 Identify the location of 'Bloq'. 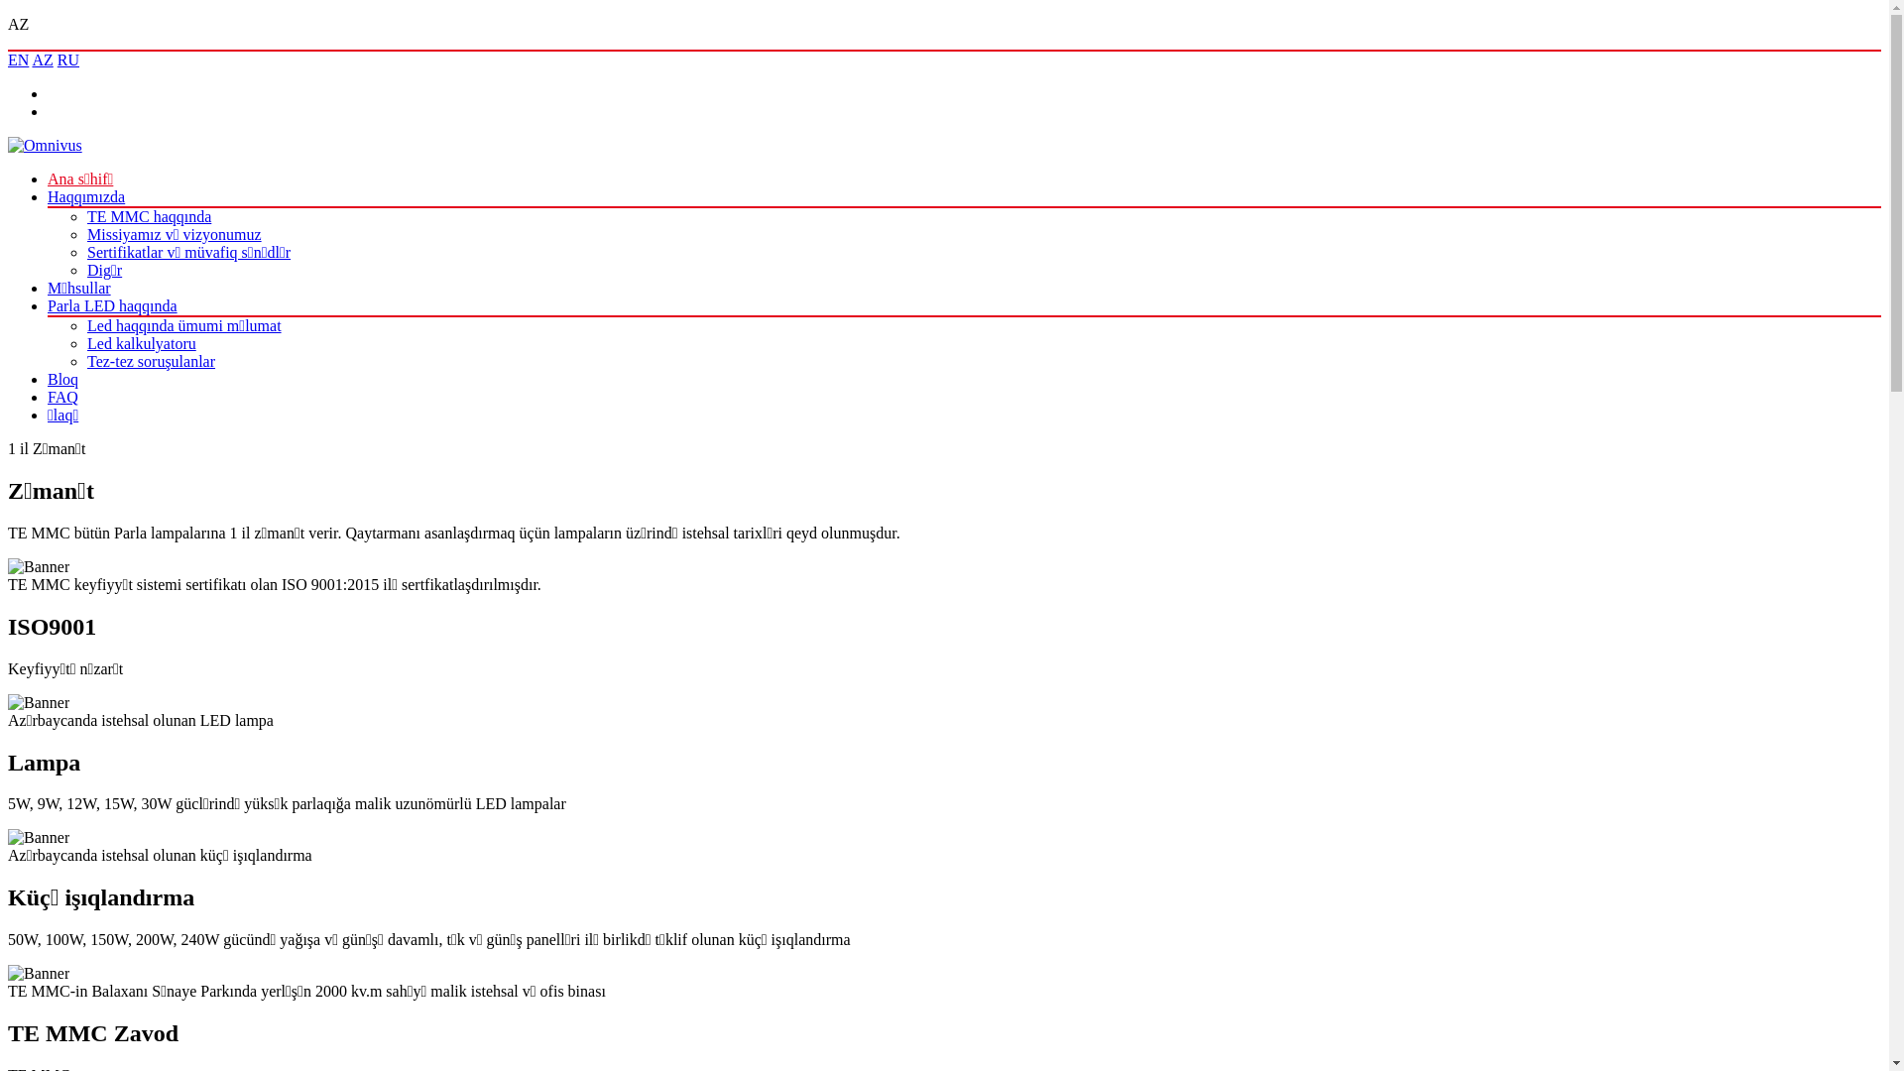
(62, 379).